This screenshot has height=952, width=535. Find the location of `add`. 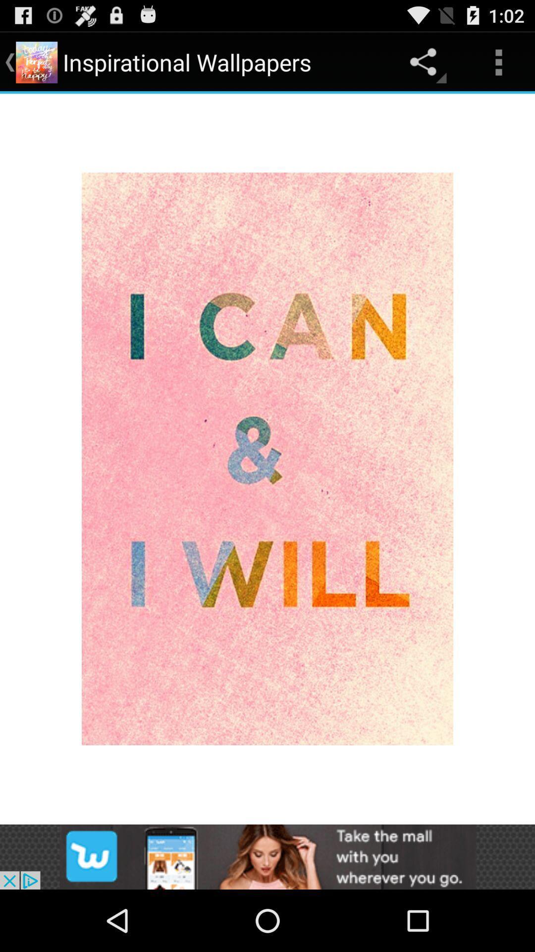

add is located at coordinates (267, 856).